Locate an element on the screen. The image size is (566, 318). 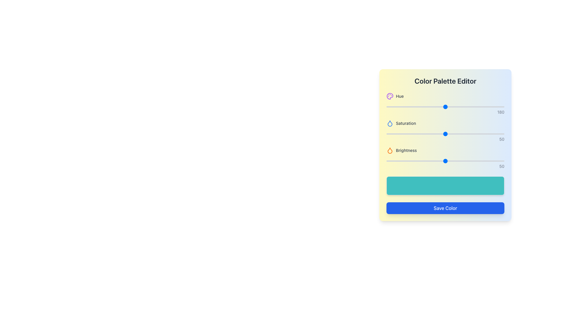
the saturation level is located at coordinates (413, 134).